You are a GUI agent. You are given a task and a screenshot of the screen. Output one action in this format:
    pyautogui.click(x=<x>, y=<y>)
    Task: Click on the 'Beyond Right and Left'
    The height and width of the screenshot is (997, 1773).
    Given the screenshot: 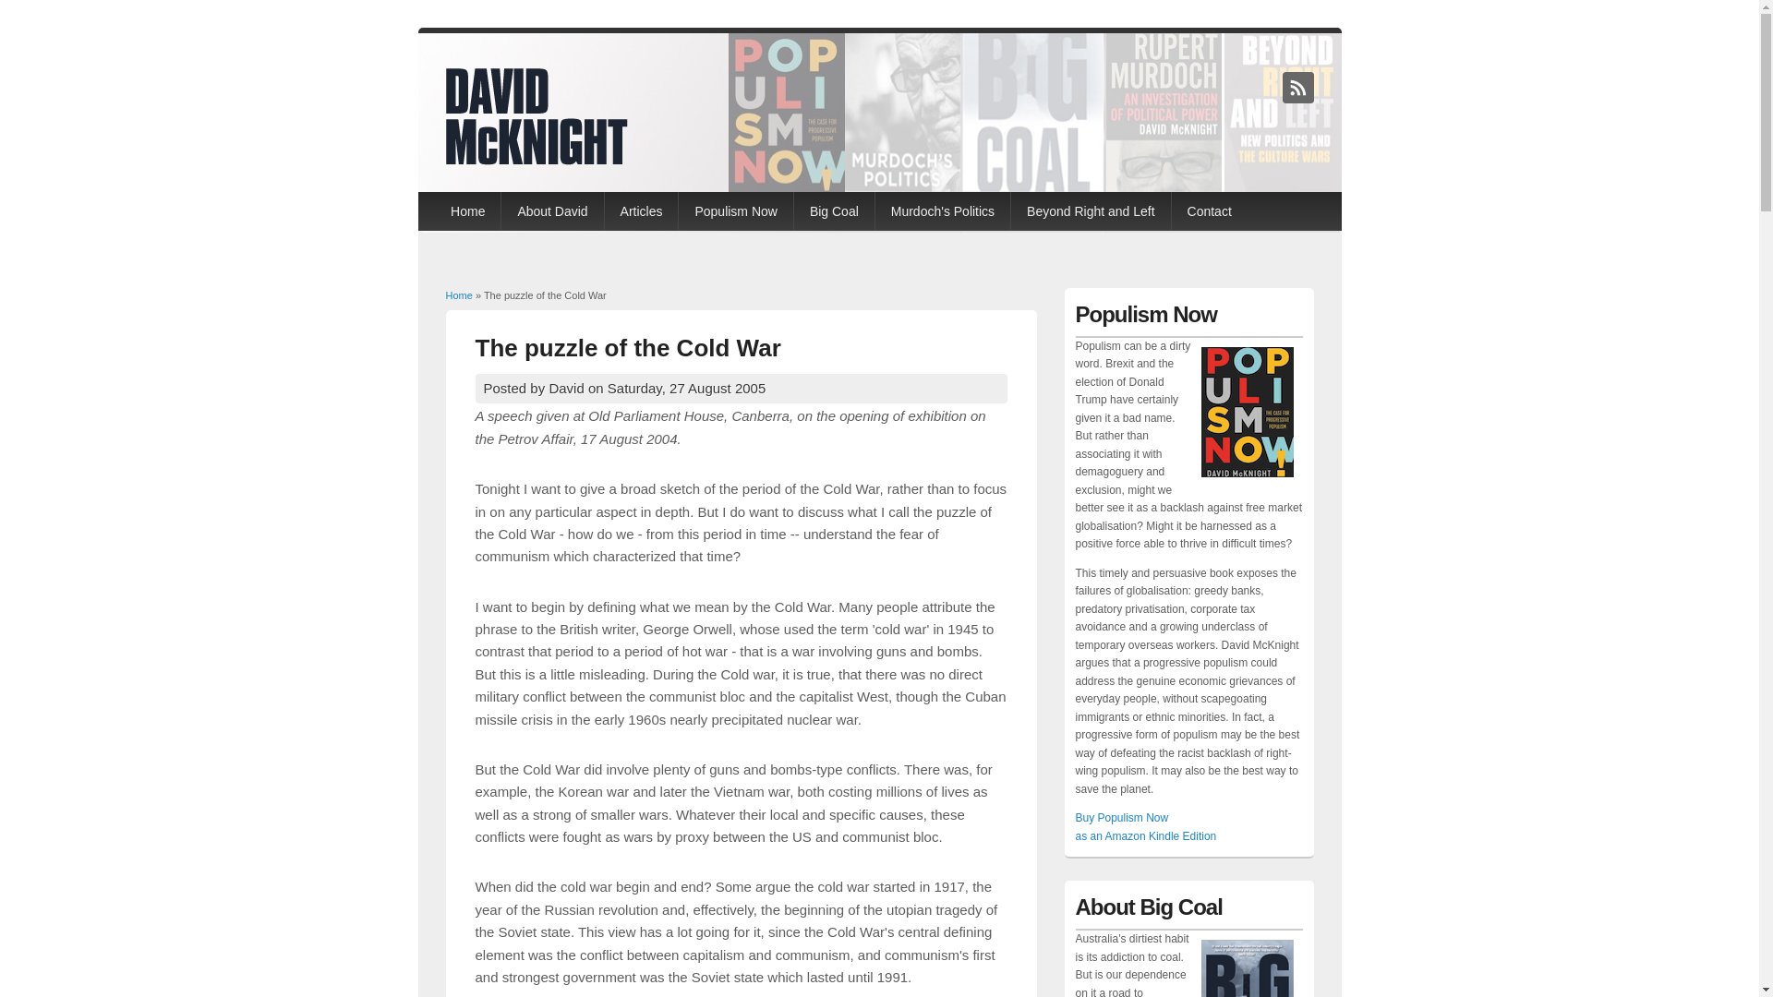 What is the action you would take?
    pyautogui.click(x=1009, y=210)
    